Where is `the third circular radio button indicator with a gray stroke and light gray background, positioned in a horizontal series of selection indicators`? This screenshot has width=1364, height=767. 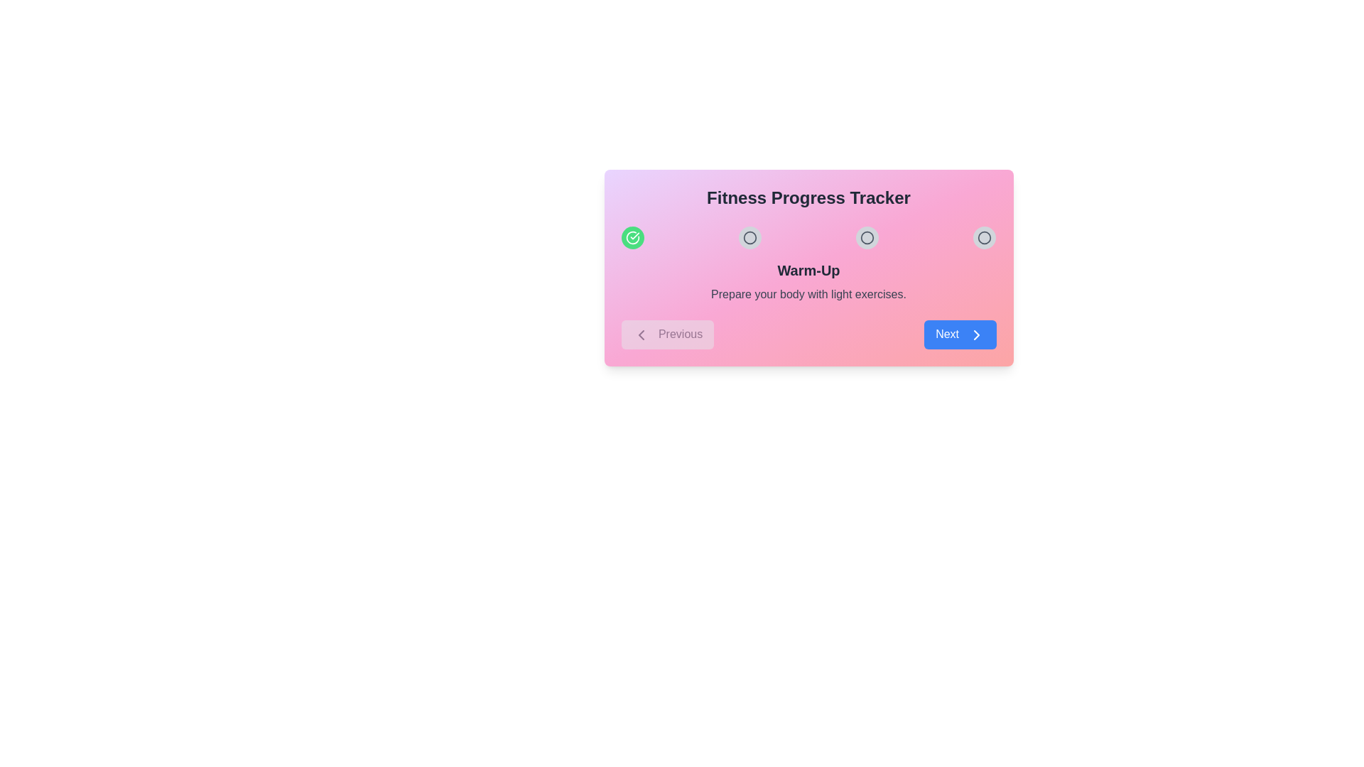
the third circular radio button indicator with a gray stroke and light gray background, positioned in a horizontal series of selection indicators is located at coordinates (984, 237).